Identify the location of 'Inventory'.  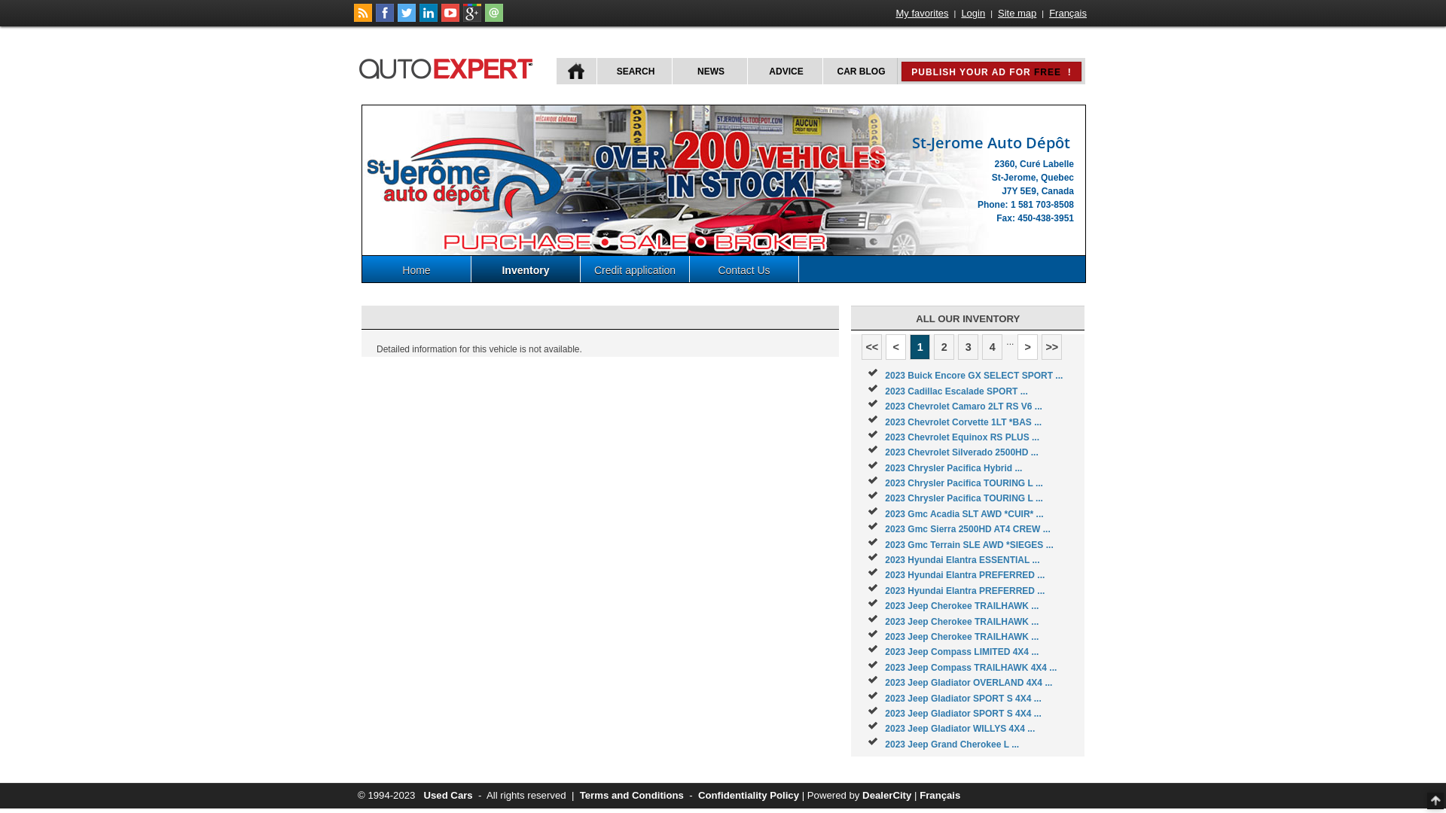
(526, 268).